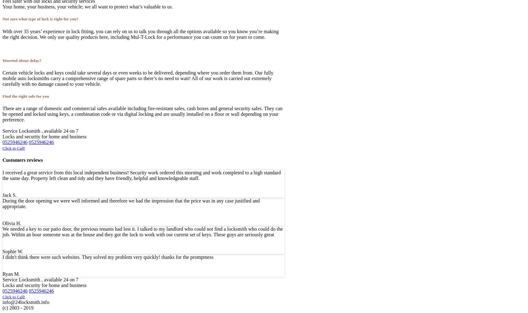  What do you see at coordinates (2, 273) in the screenshot?
I see `'Ryan M.'` at bounding box center [2, 273].